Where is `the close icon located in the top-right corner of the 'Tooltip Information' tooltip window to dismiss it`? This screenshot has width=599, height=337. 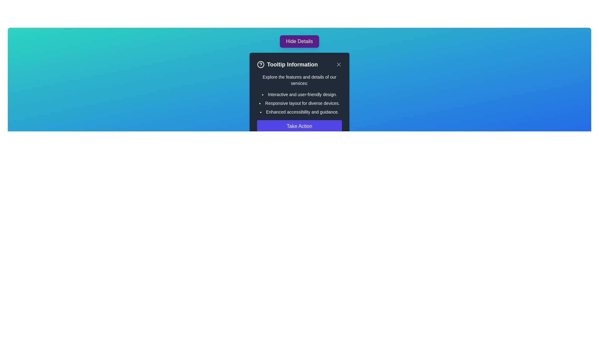
the close icon located in the top-right corner of the 'Tooltip Information' tooltip window to dismiss it is located at coordinates (338, 65).